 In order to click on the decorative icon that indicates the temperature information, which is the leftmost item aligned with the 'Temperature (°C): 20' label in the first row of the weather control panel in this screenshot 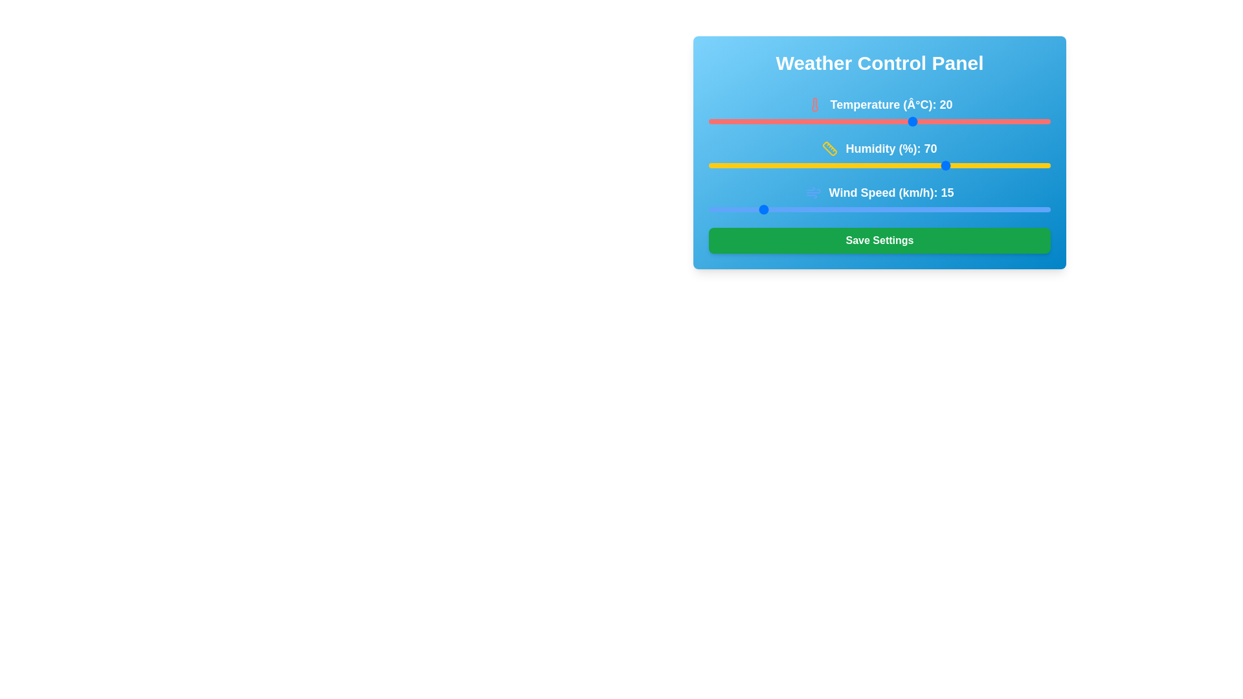, I will do `click(814, 104)`.